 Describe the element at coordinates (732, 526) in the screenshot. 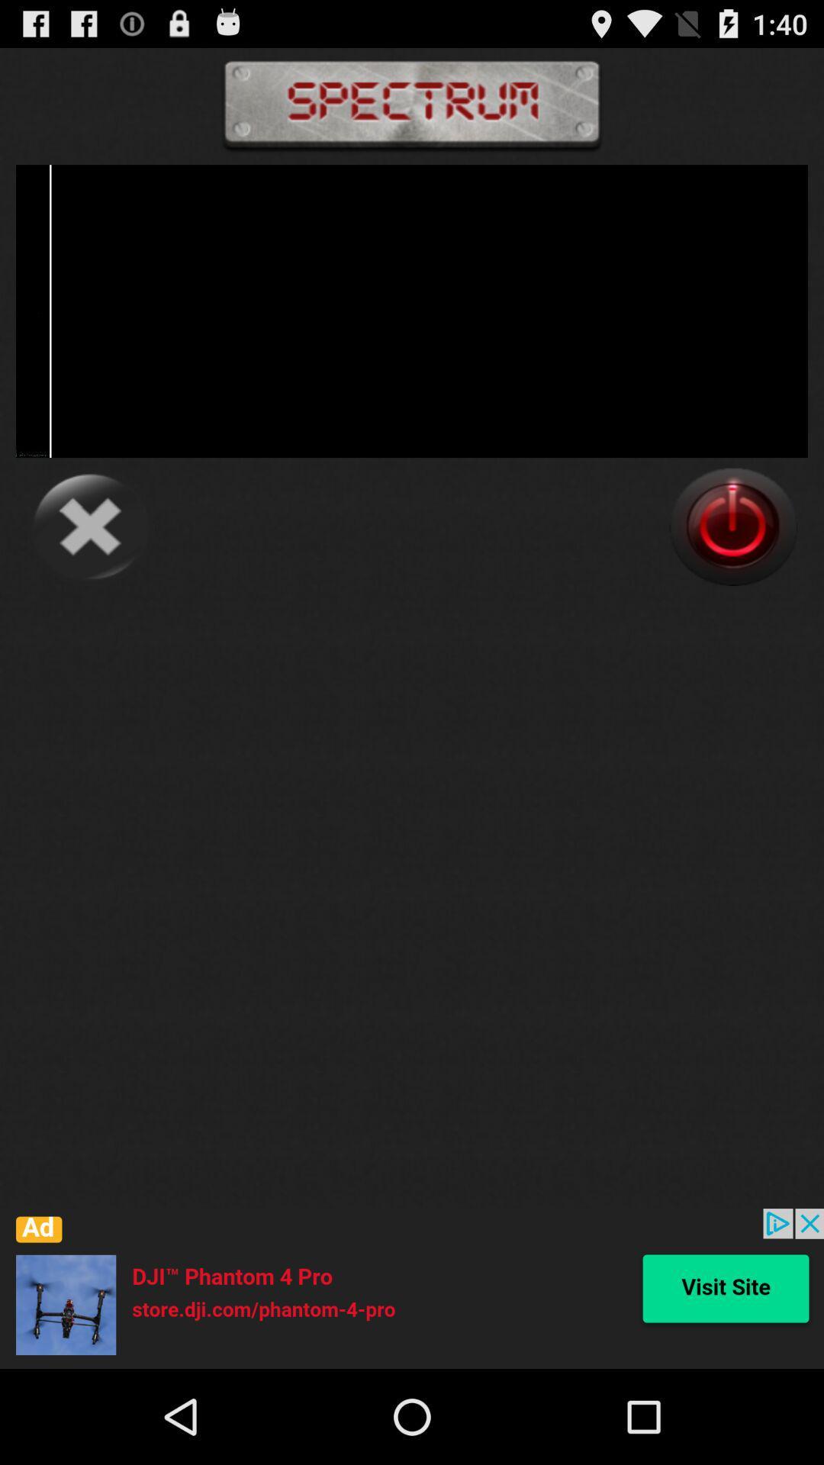

I see `option` at that location.